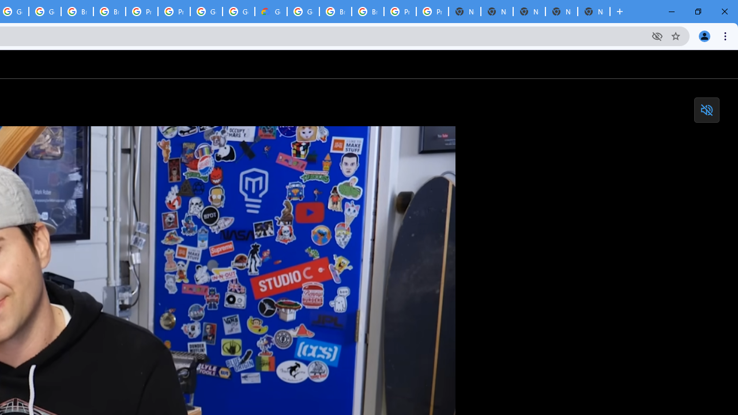 Image resolution: width=738 pixels, height=415 pixels. I want to click on 'Google Cloud Platform', so click(303, 12).